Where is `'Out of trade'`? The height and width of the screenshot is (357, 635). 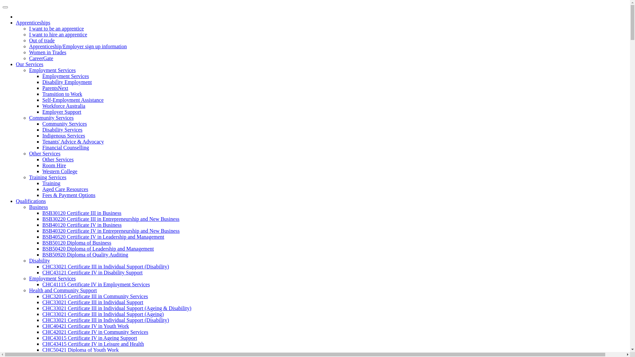
'Out of trade' is located at coordinates (41, 40).